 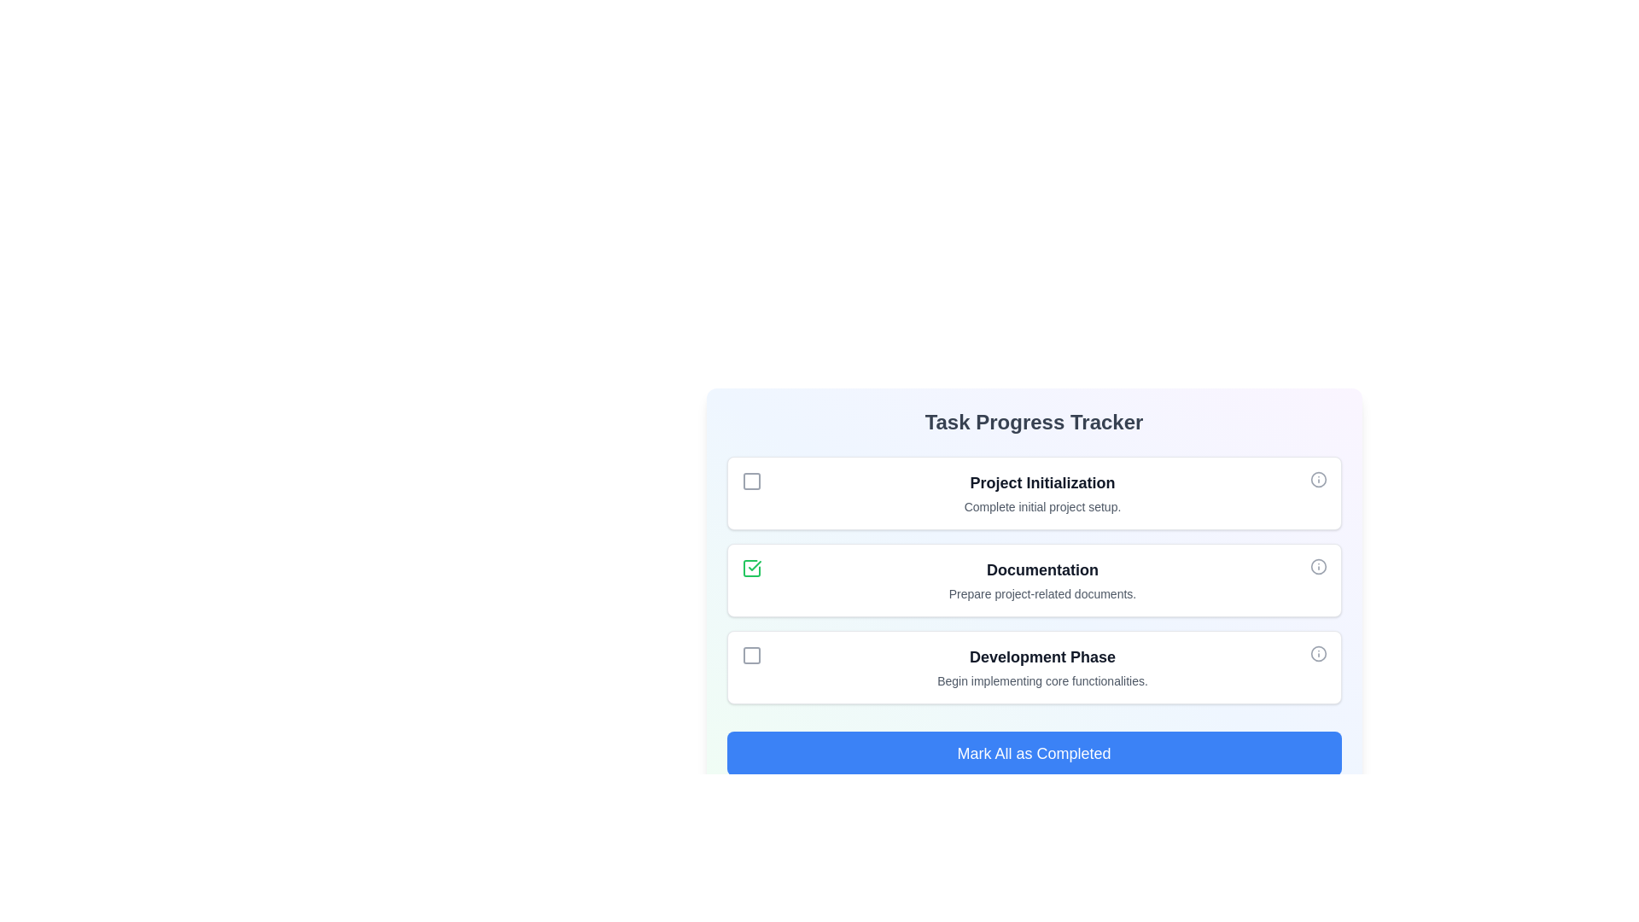 What do you see at coordinates (751, 569) in the screenshot?
I see `the completed state checkbox with a green outline and checkmark in the 'Documentation' section of the task progress tracker` at bounding box center [751, 569].